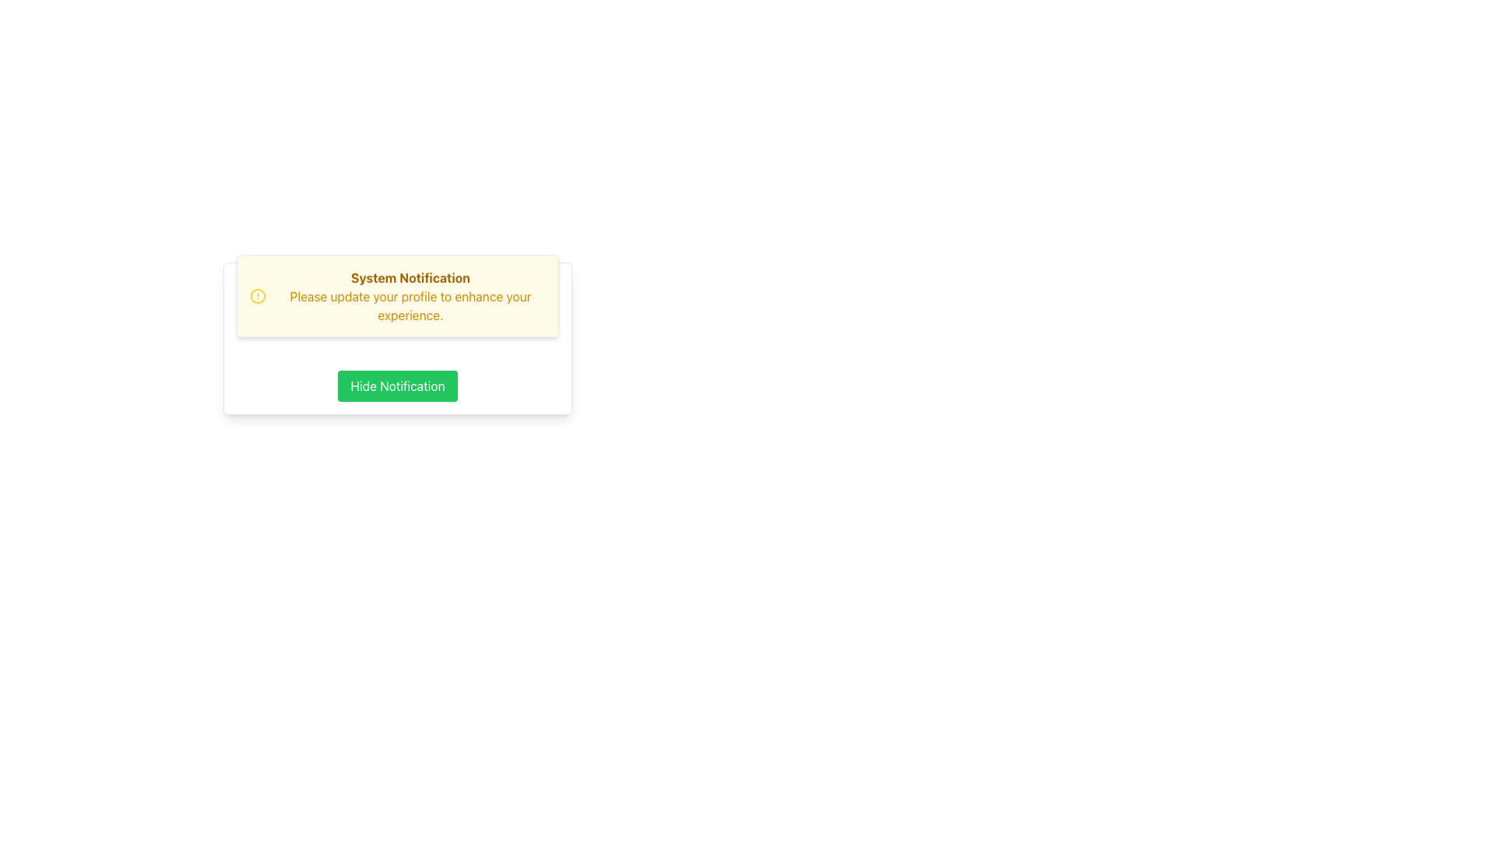 Image resolution: width=1495 pixels, height=841 pixels. I want to click on the non-interactive Text Block that prompts the user to update their profile, located near the center of the yellow box, so click(410, 312).